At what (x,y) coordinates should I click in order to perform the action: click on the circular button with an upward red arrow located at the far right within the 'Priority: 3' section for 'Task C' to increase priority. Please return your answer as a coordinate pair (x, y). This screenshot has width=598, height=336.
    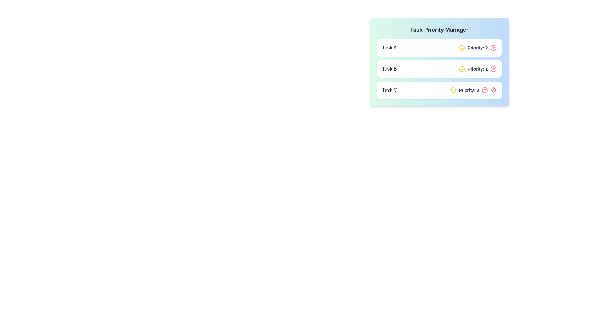
    Looking at the image, I should click on (484, 90).